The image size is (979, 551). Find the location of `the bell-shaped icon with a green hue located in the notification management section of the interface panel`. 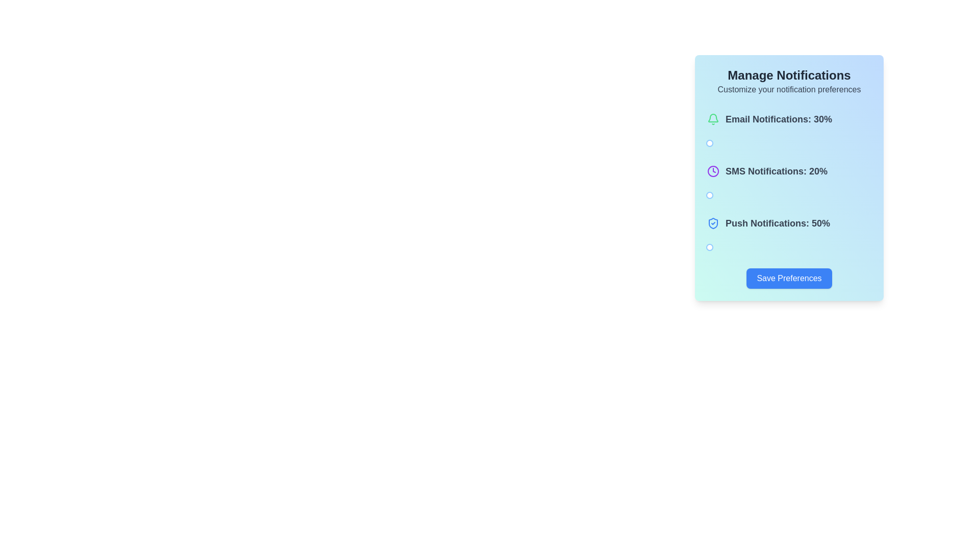

the bell-shaped icon with a green hue located in the notification management section of the interface panel is located at coordinates (712, 117).